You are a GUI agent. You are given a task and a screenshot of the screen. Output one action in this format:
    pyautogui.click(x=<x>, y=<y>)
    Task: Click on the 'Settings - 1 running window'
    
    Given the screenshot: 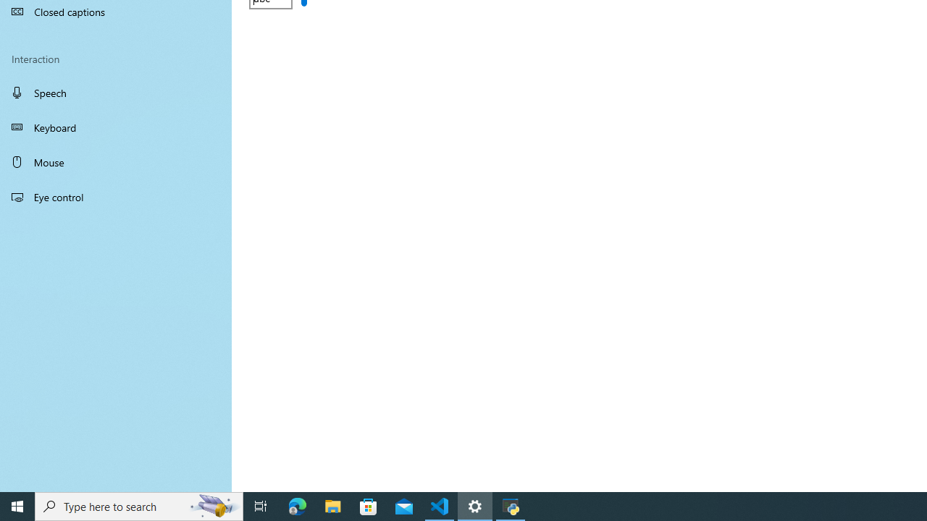 What is the action you would take?
    pyautogui.click(x=475, y=505)
    